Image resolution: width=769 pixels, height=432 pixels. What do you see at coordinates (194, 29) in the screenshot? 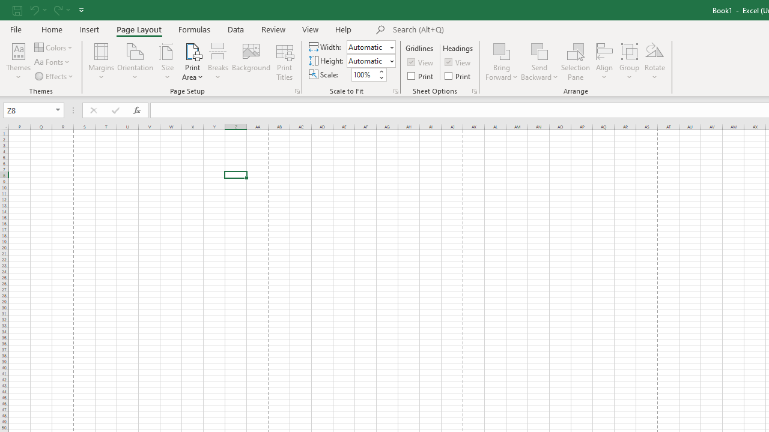
I see `'Formulas'` at bounding box center [194, 29].